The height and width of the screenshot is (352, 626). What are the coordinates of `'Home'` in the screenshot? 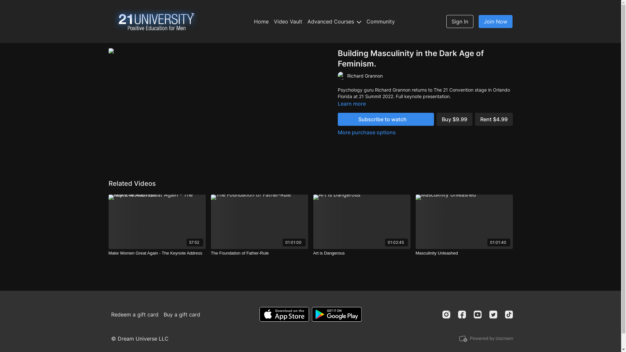 It's located at (261, 21).